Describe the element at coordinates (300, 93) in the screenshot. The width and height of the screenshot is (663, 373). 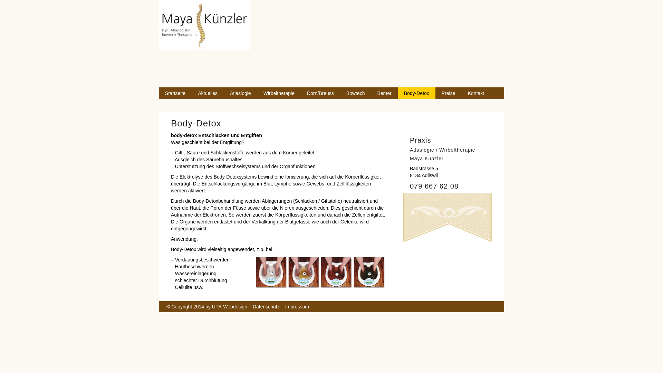
I see `'Dorn/Breuss'` at that location.